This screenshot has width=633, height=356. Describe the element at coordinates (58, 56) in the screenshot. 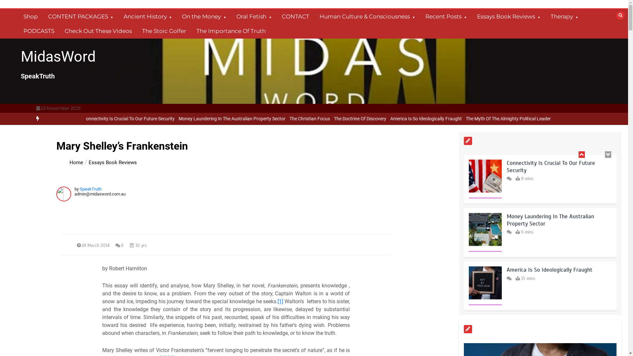

I see `'MidasWord'` at that location.